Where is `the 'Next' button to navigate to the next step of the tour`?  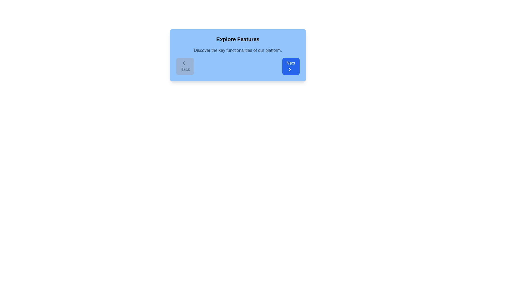 the 'Next' button to navigate to the next step of the tour is located at coordinates (290, 66).